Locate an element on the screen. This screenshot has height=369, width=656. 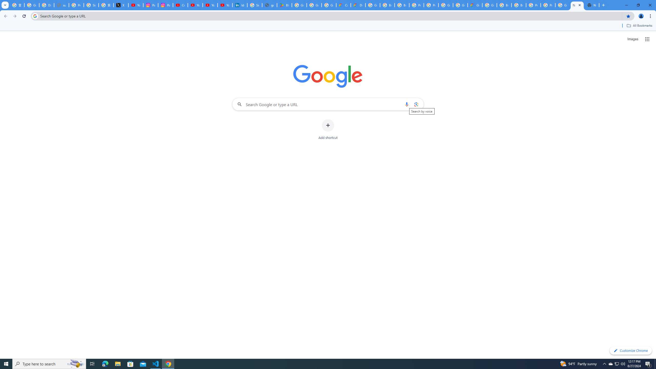
'Search by voice' is located at coordinates (406, 104).